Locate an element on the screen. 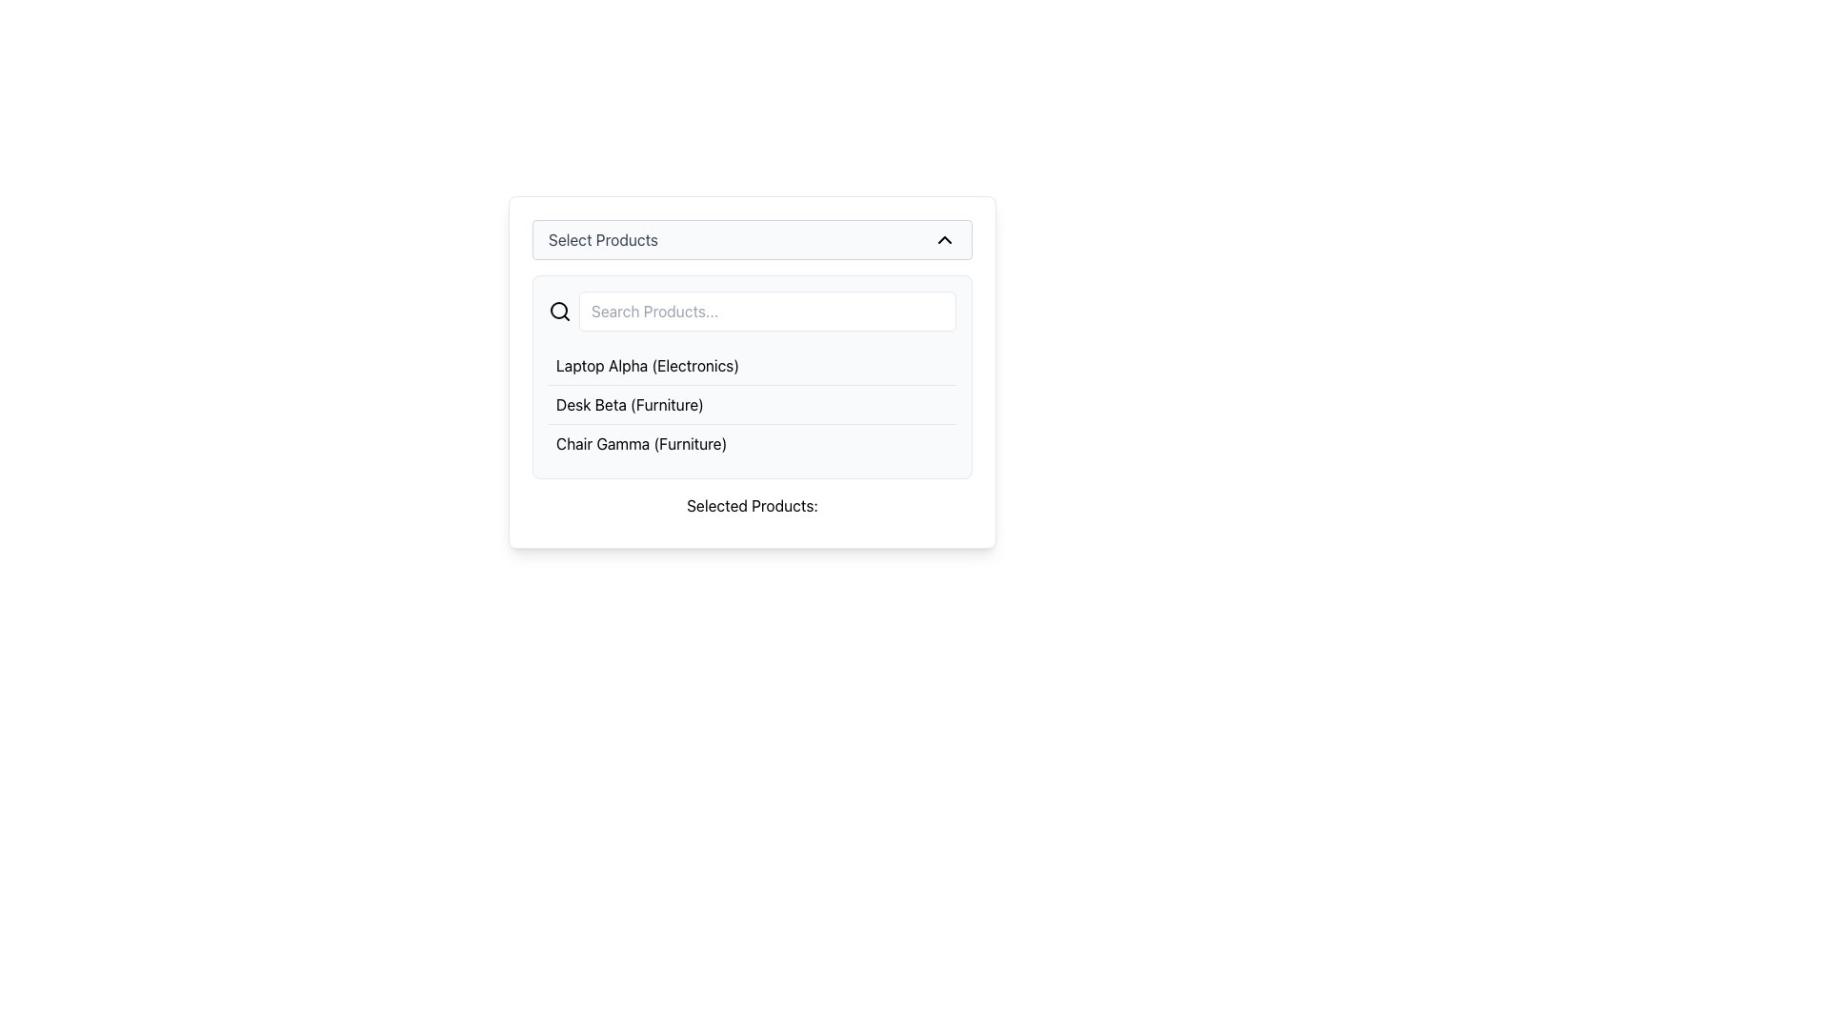 The height and width of the screenshot is (1029, 1829). the downward-pointing arrow icon inside the 'Select Products' button is located at coordinates (945, 238).